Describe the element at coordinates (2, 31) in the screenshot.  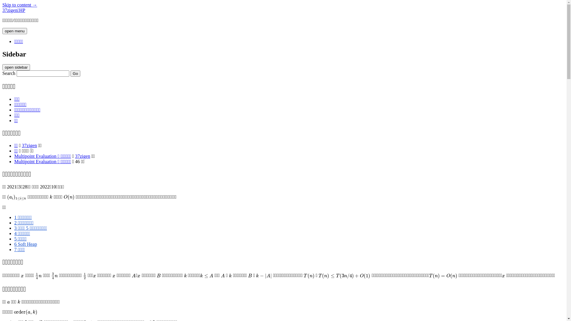
I see `'open menu'` at that location.